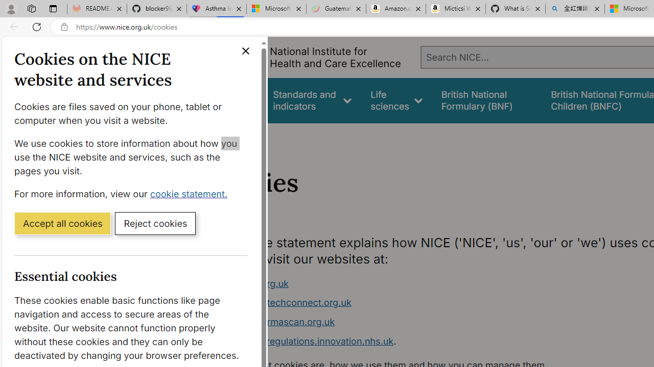 The image size is (654, 367). What do you see at coordinates (191, 193) in the screenshot?
I see `'cookie statement. (Opens in a new window)'` at bounding box center [191, 193].